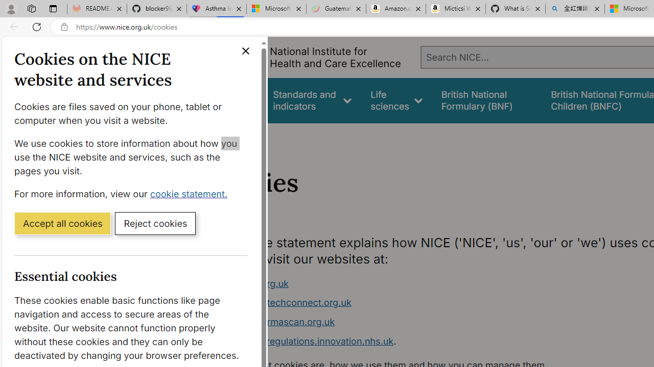 The image size is (654, 367). What do you see at coordinates (191, 193) in the screenshot?
I see `'cookie statement. (Opens in a new window)'` at bounding box center [191, 193].